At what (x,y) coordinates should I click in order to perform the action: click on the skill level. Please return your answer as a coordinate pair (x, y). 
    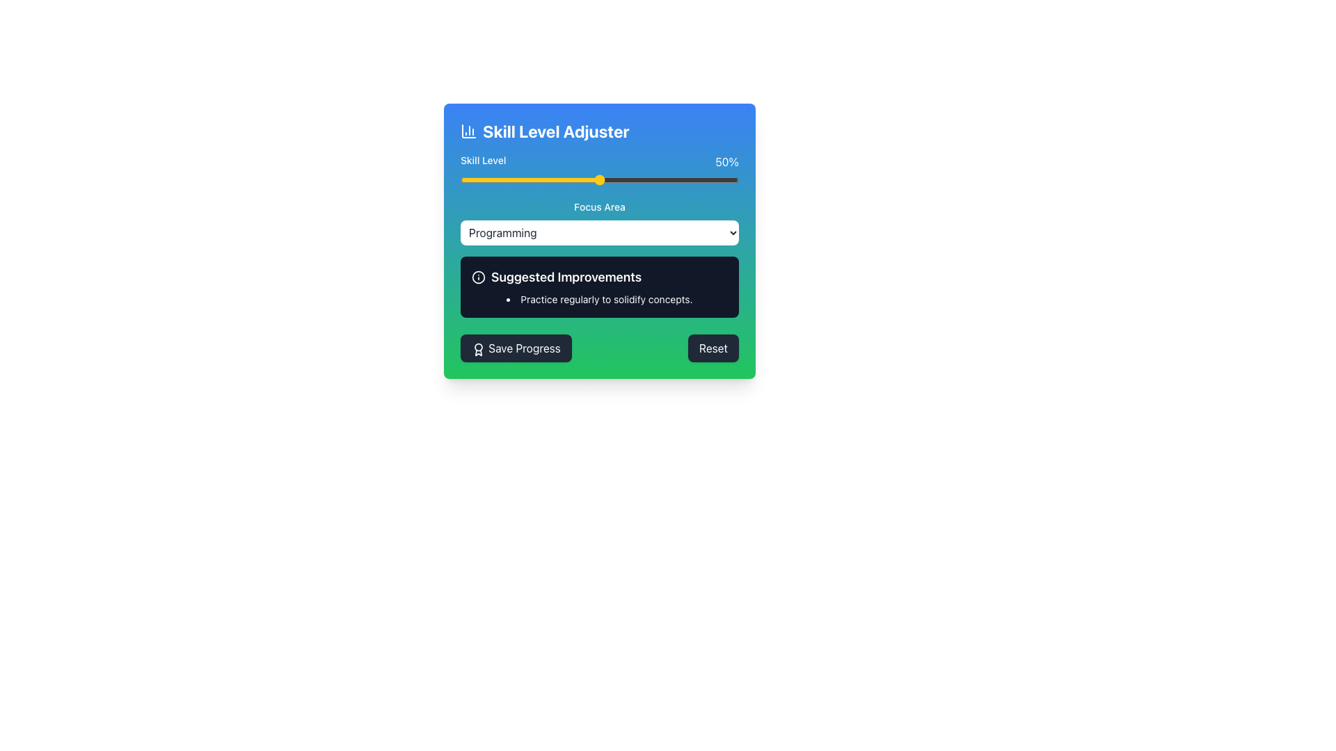
    Looking at the image, I should click on (474, 179).